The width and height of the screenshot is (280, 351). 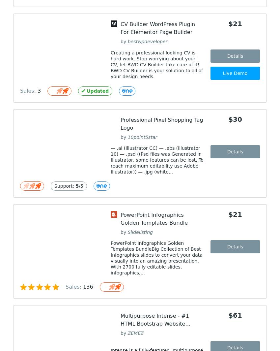 What do you see at coordinates (39, 91) in the screenshot?
I see `'3'` at bounding box center [39, 91].